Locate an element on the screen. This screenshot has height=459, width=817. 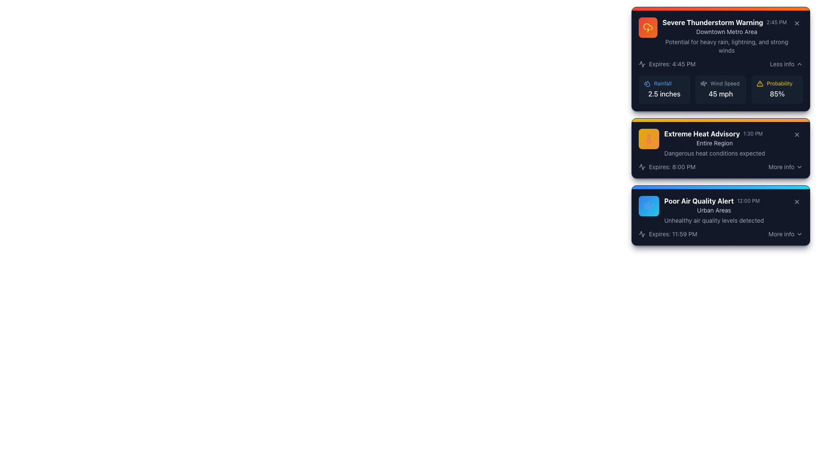
the rainfall measurement label located in the top-right corner of the notification card, which provides detailed weather-related information is located at coordinates (664, 93).